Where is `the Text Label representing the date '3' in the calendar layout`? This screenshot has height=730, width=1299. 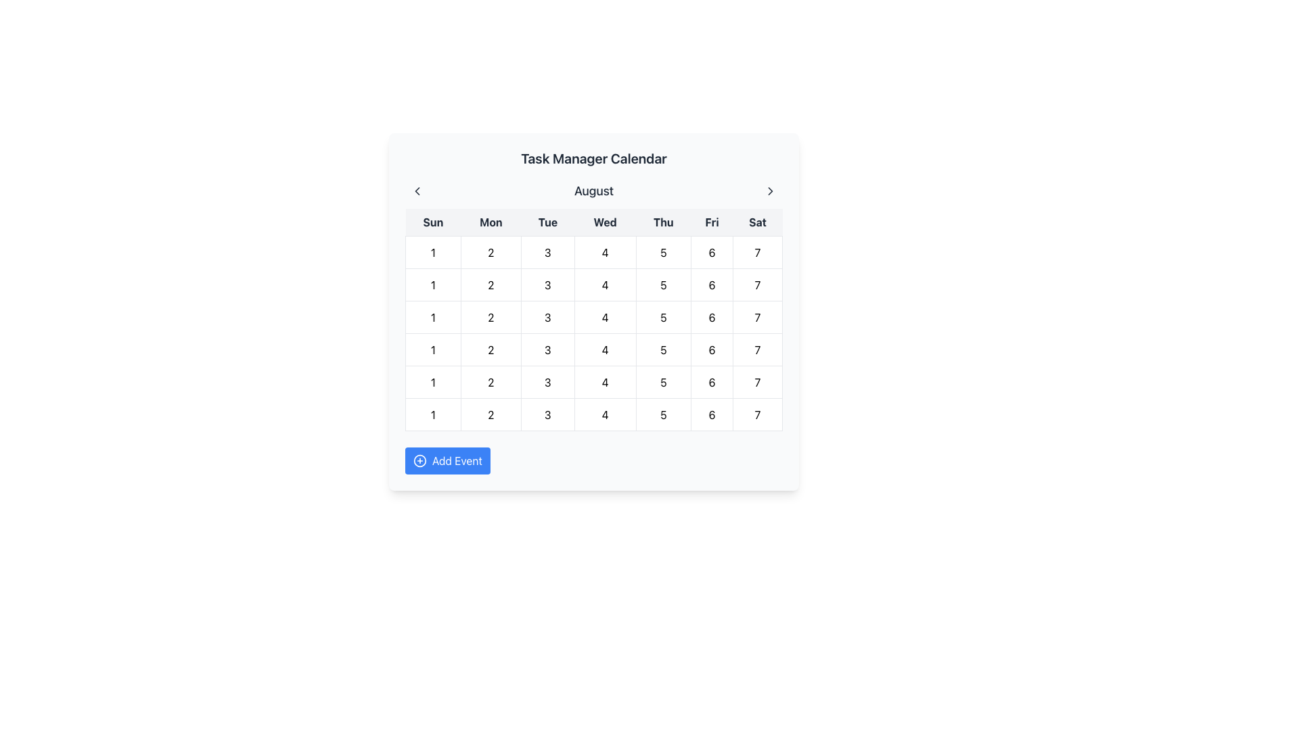
the Text Label representing the date '3' in the calendar layout is located at coordinates (547, 284).